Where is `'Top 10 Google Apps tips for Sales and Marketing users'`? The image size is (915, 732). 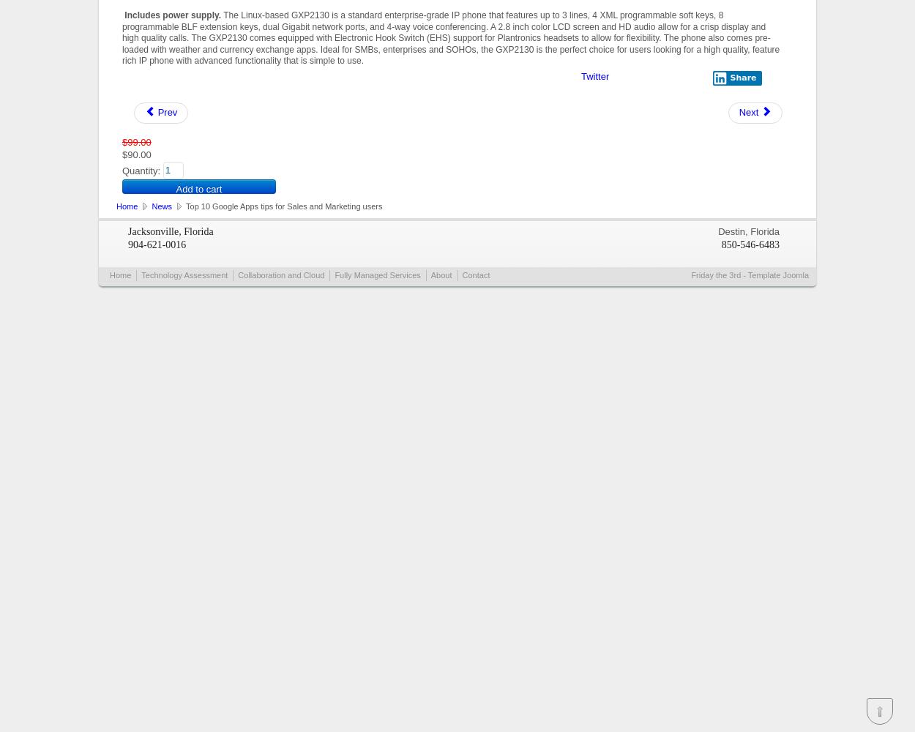 'Top 10 Google Apps tips for Sales and Marketing users' is located at coordinates (184, 206).